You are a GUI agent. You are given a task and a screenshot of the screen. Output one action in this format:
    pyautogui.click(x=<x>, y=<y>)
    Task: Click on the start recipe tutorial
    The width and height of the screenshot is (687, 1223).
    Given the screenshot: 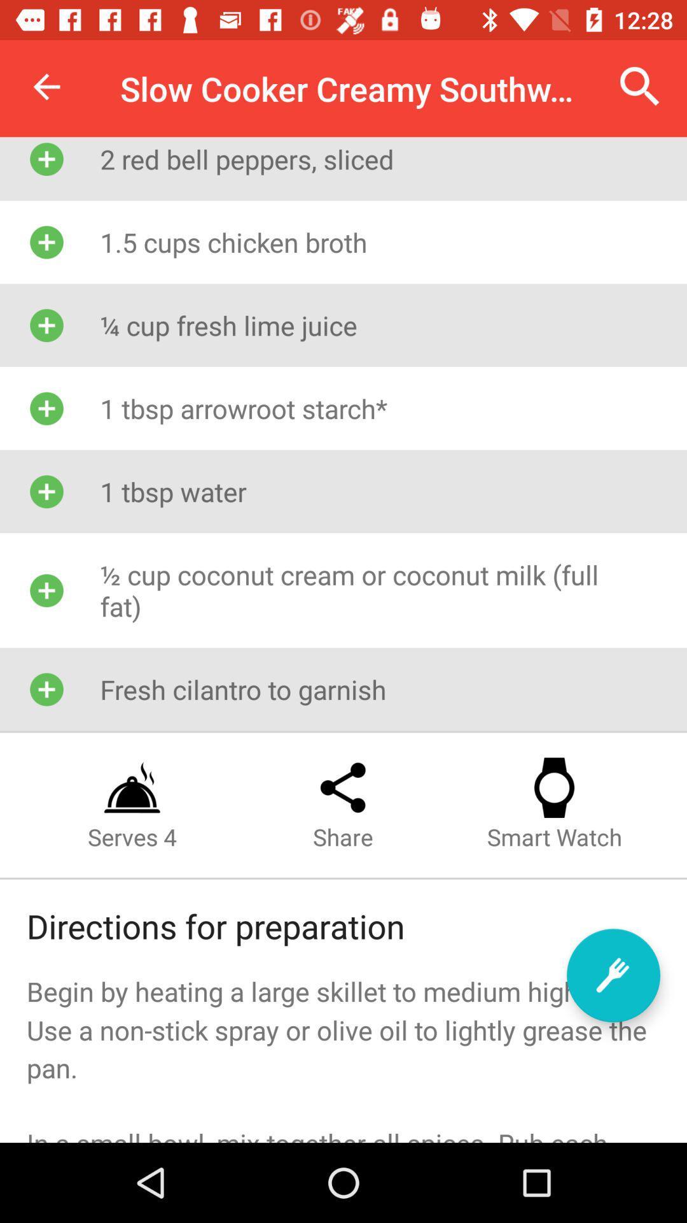 What is the action you would take?
    pyautogui.click(x=613, y=975)
    